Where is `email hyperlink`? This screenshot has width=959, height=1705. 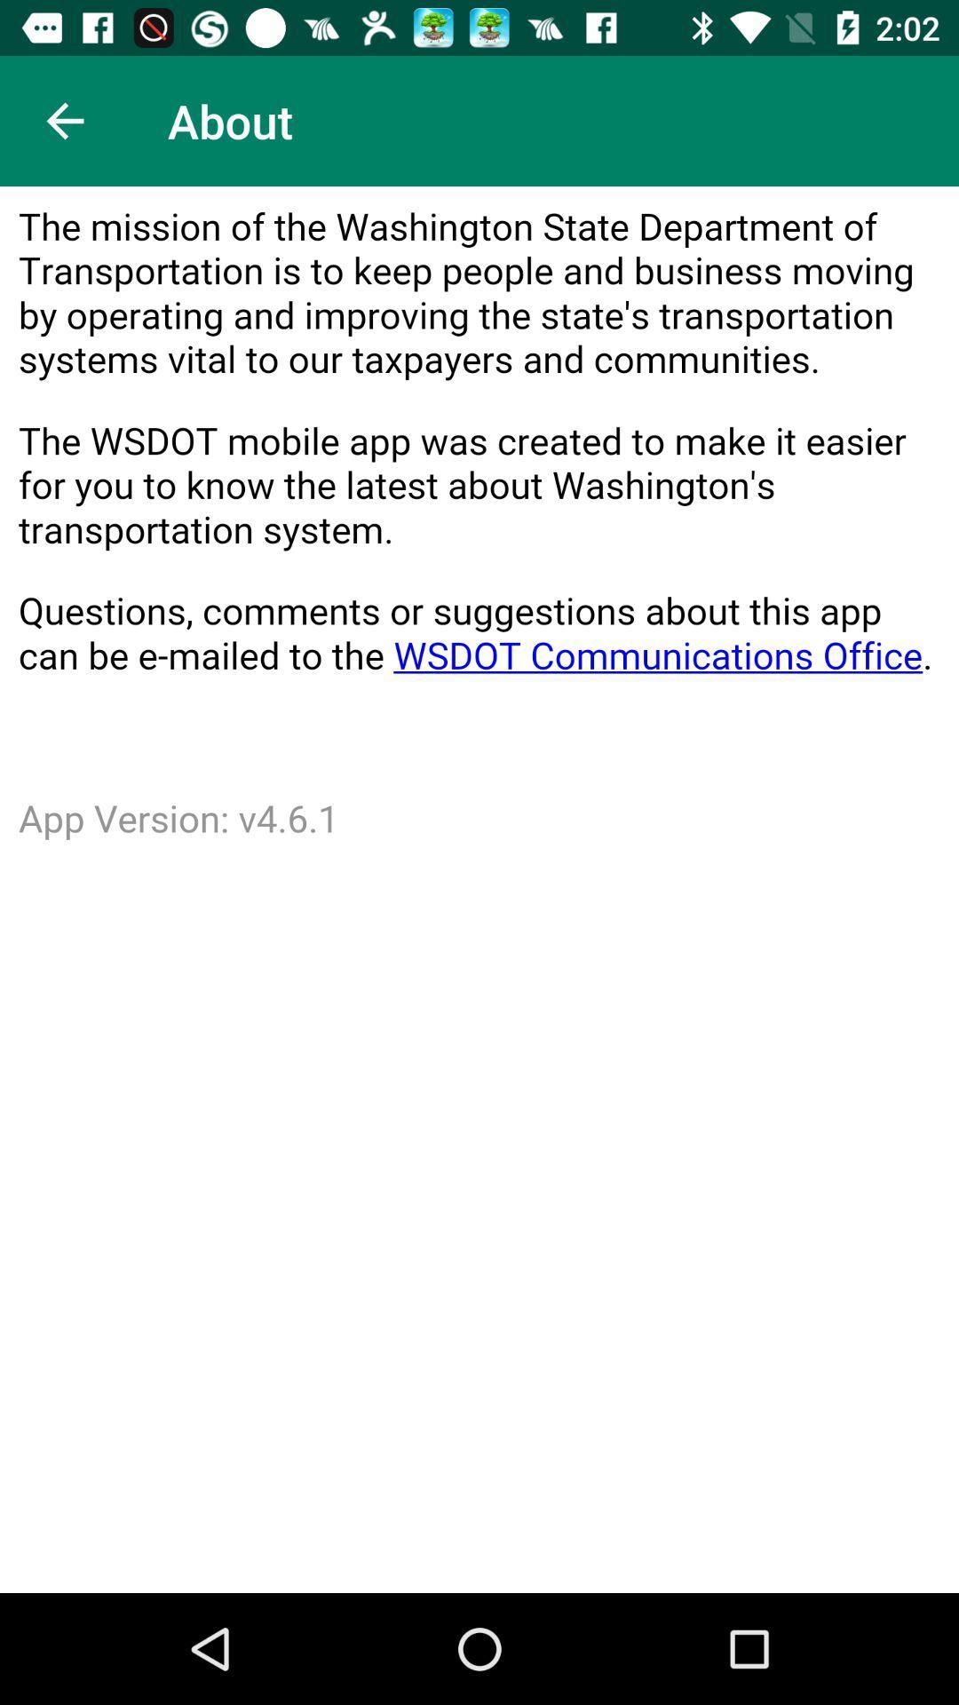 email hyperlink is located at coordinates (479, 890).